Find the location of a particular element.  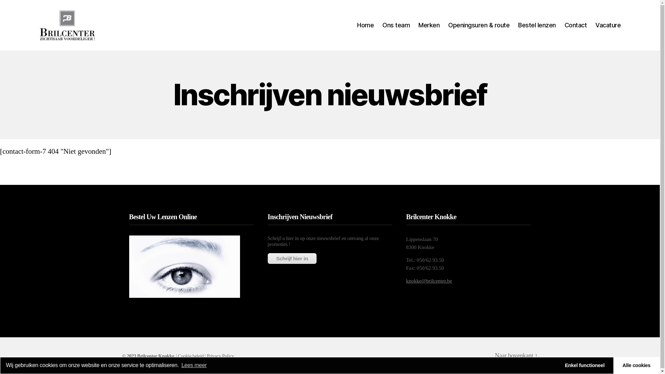

'Privacy Policy' is located at coordinates (206, 356).